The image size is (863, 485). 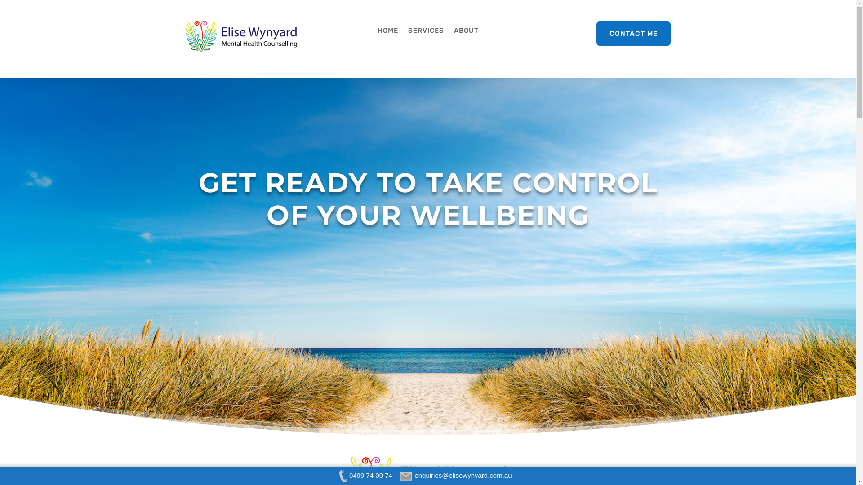 I want to click on 'CONTACT ME', so click(x=633, y=33).